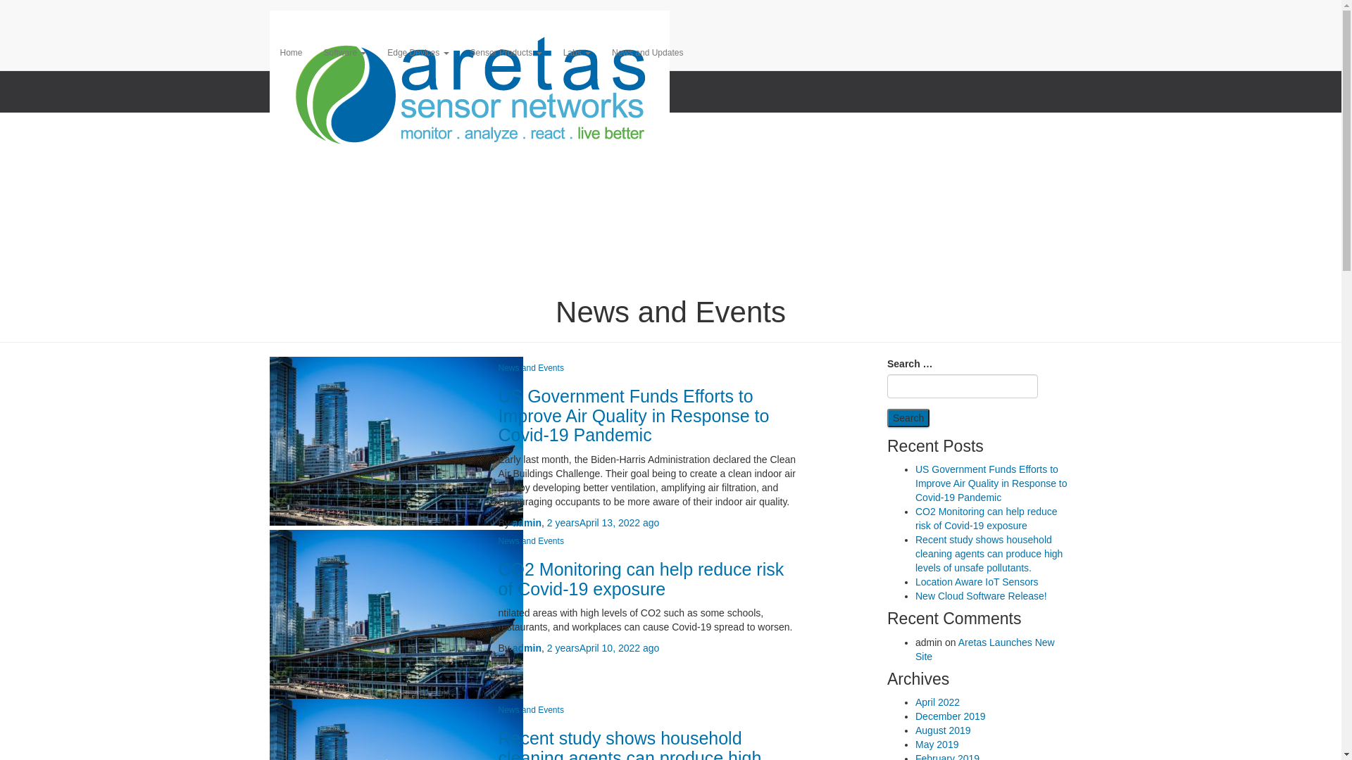 The width and height of the screenshot is (1352, 760). I want to click on 'News and Events', so click(530, 710).